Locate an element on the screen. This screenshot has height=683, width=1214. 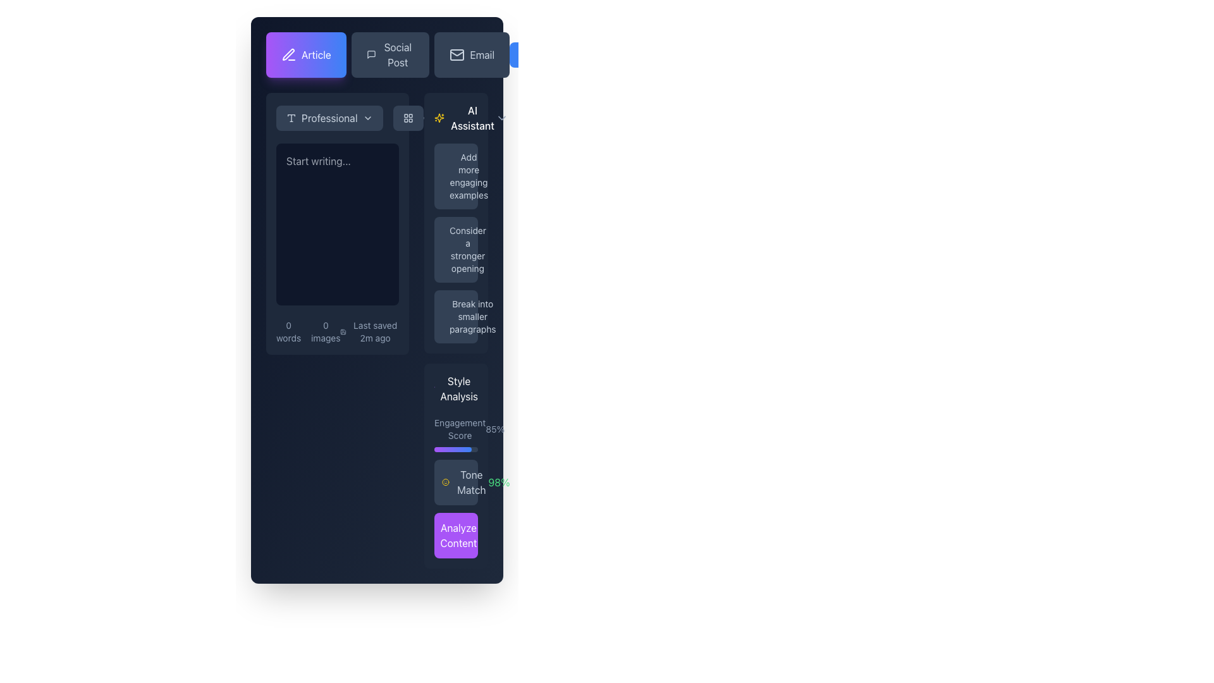
the displayed number in the text label that shows '0 images', which is located on a dark background and adjacent to the '0 words' label is located at coordinates (326, 331).